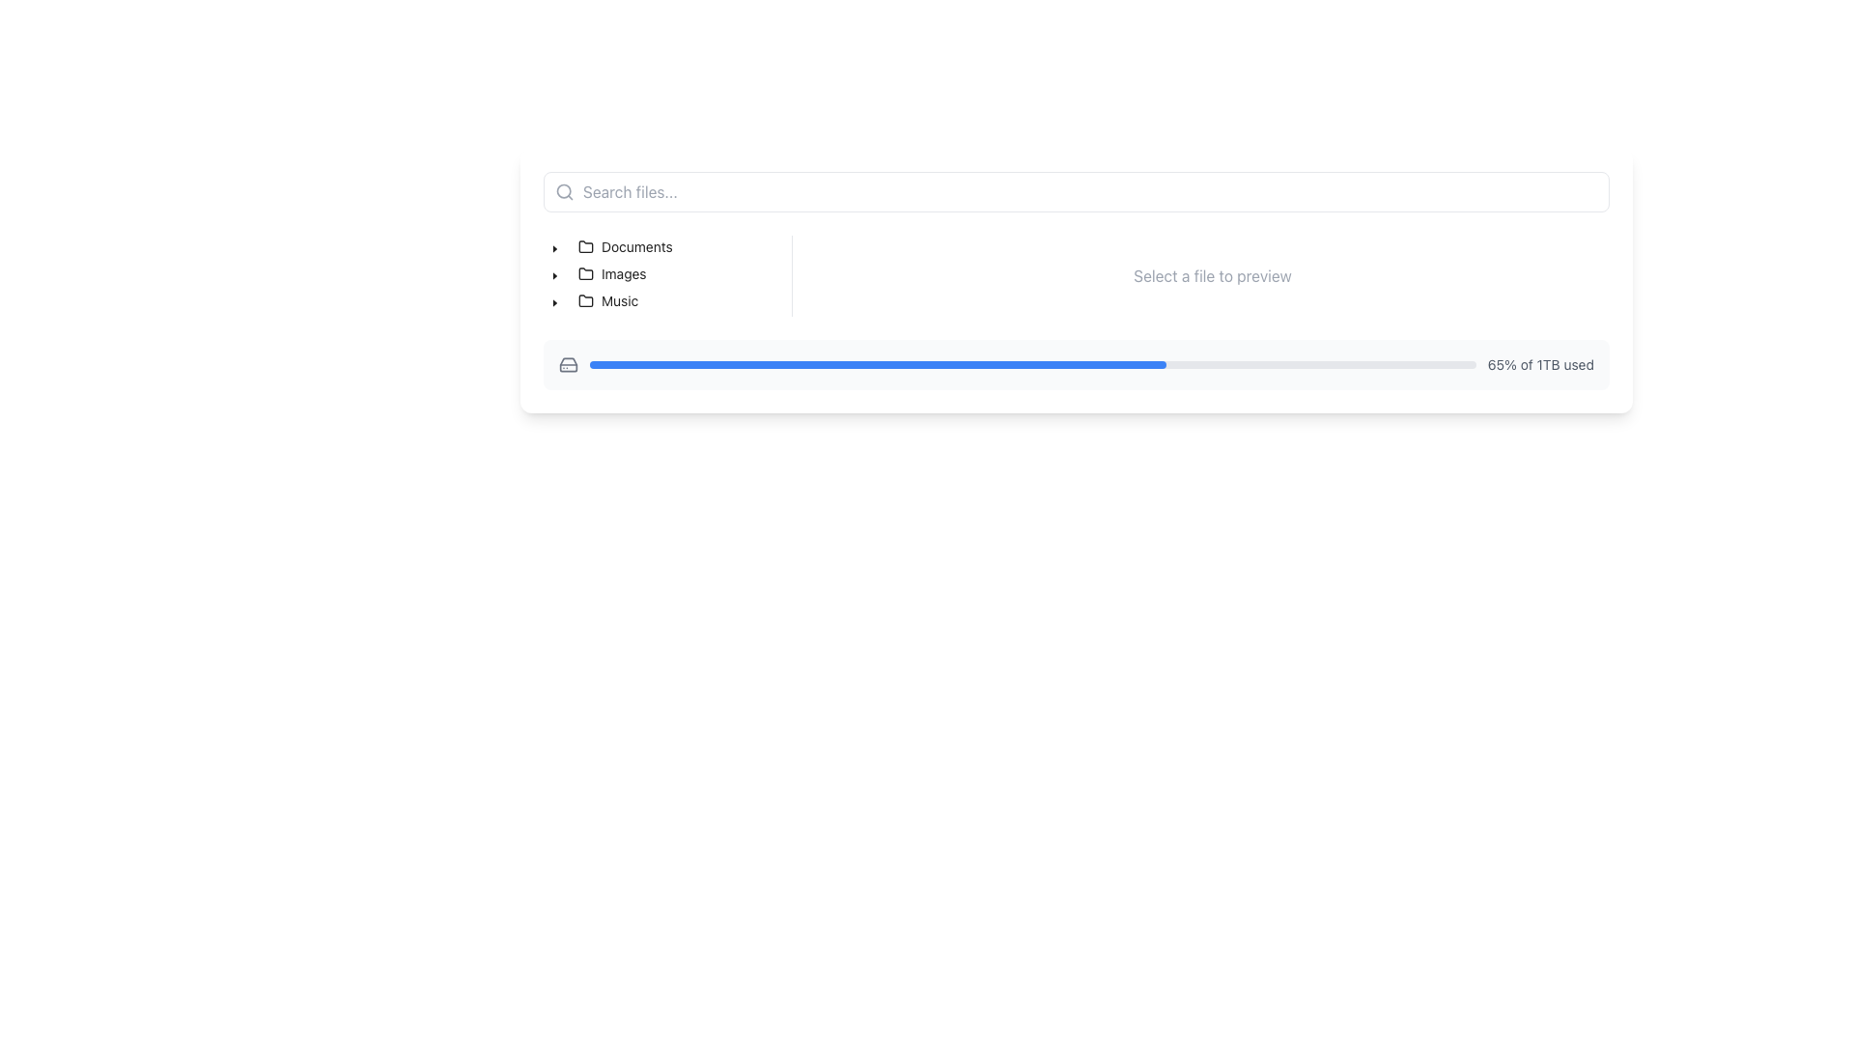  I want to click on the 'Music' folder text label in the file navigation system, so click(620, 301).